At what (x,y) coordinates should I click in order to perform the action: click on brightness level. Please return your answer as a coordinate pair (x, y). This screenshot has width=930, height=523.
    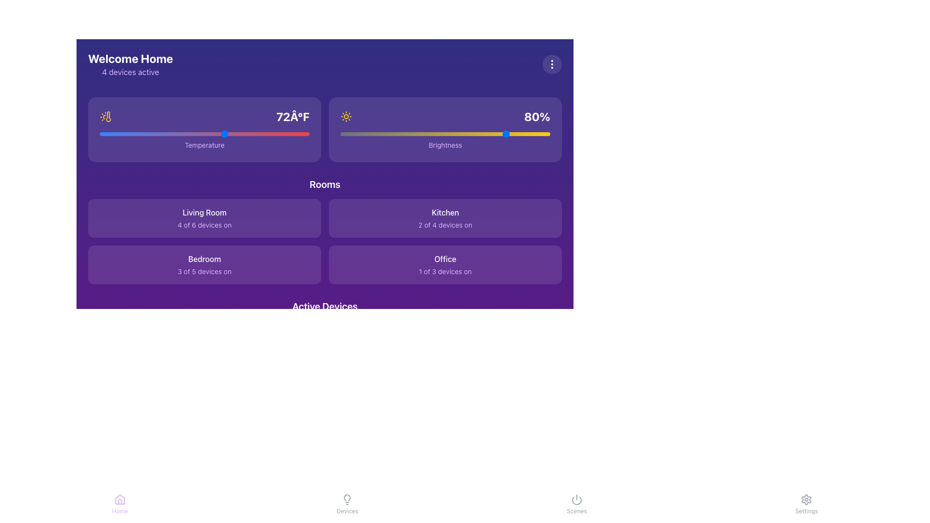
    Looking at the image, I should click on (483, 134).